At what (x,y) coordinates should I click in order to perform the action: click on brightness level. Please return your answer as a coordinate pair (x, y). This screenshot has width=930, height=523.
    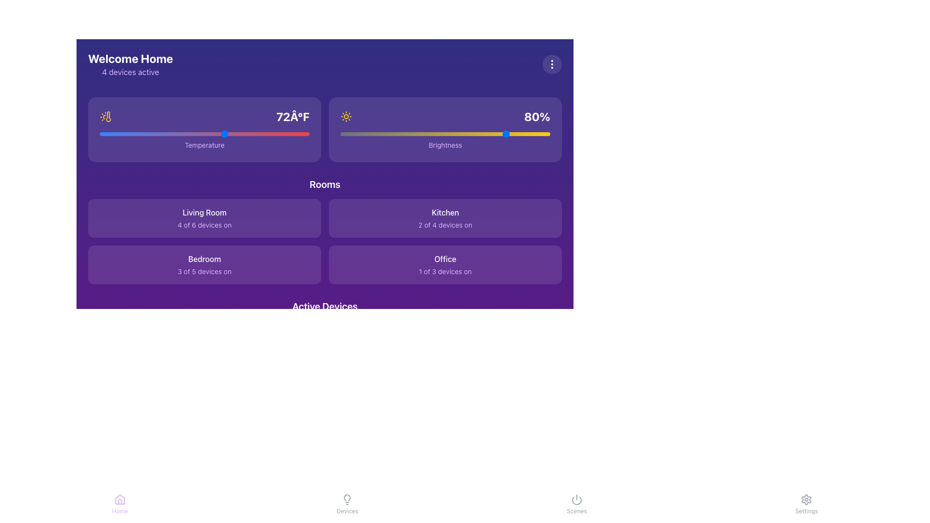
    Looking at the image, I should click on (483, 134).